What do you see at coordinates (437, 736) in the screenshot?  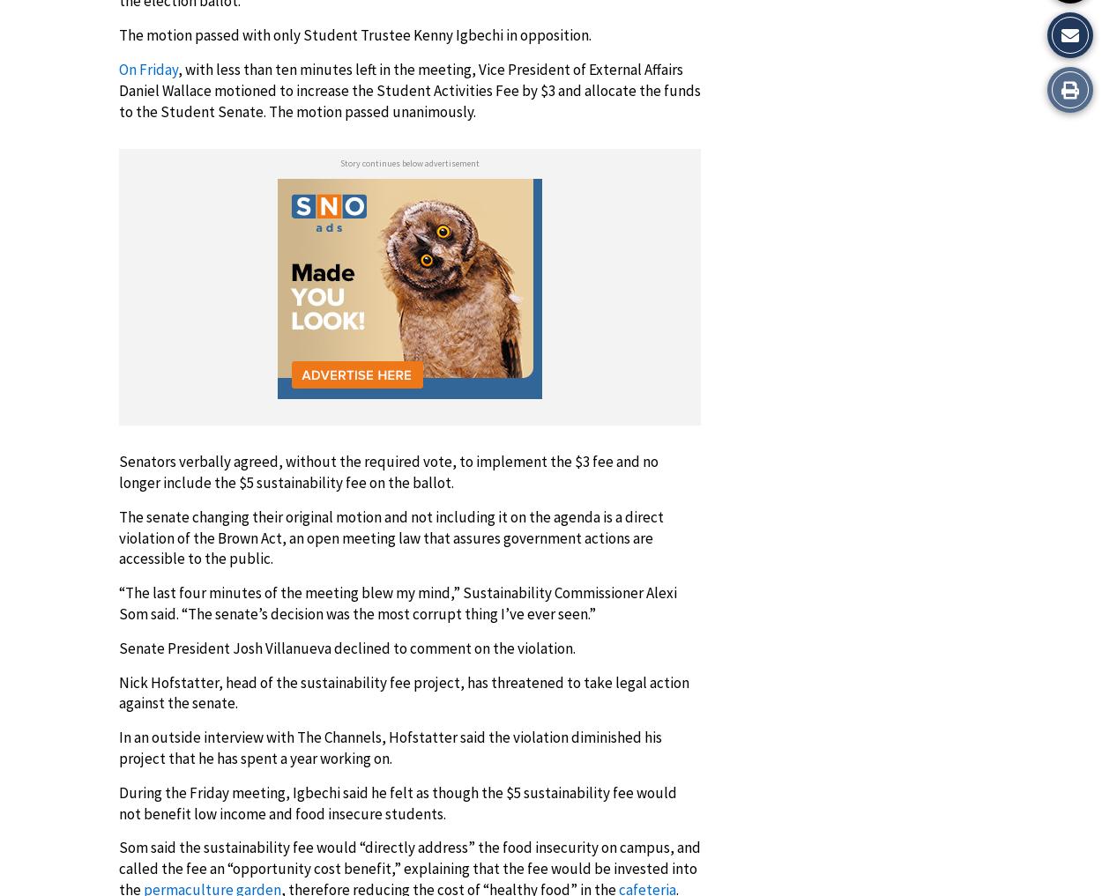 I see `'Hofstatter said'` at bounding box center [437, 736].